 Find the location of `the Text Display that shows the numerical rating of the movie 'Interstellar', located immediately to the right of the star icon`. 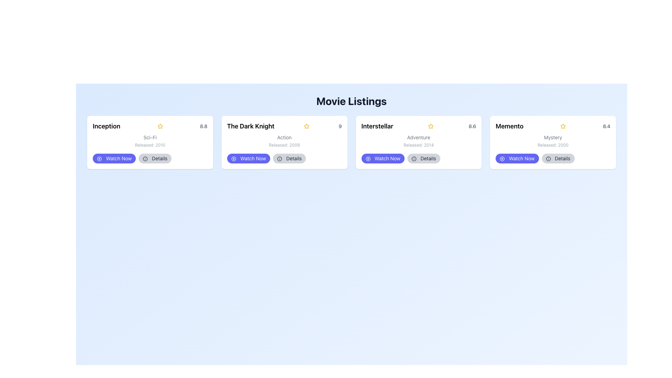

the Text Display that shows the numerical rating of the movie 'Interstellar', located immediately to the right of the star icon is located at coordinates (472, 126).